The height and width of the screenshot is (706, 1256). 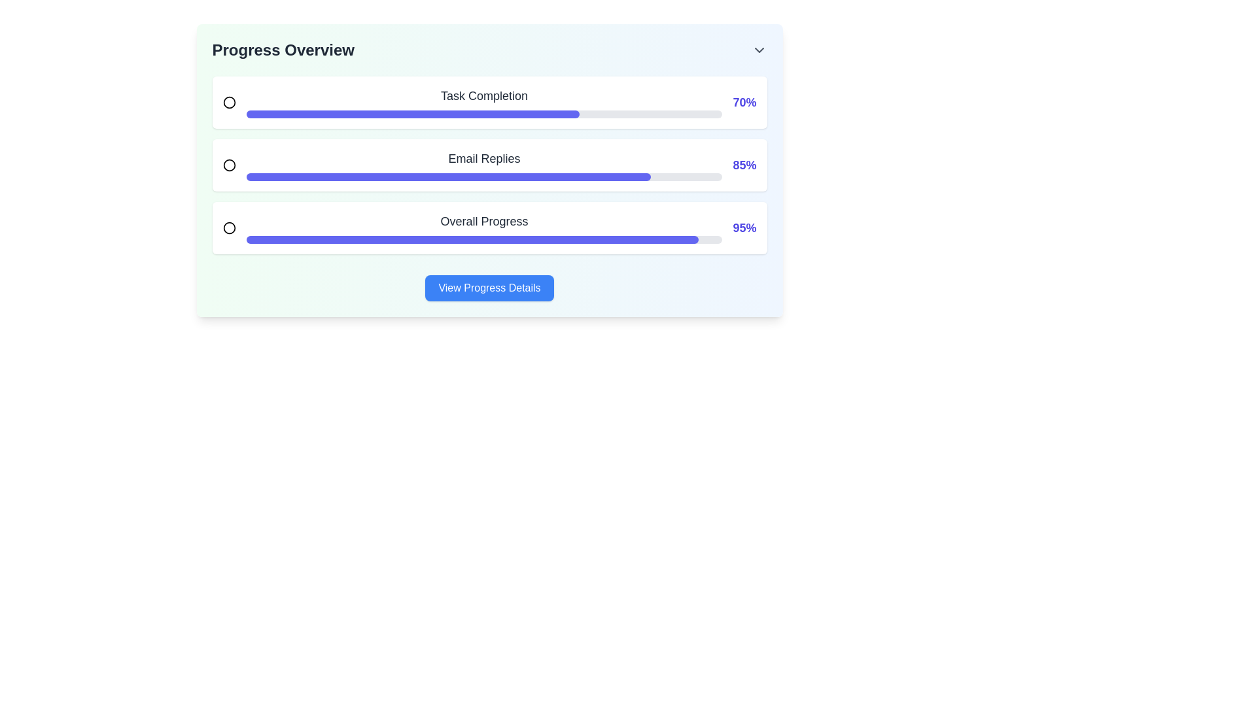 What do you see at coordinates (483, 227) in the screenshot?
I see `the 'Overall Progress' text and progress bar combination located in the lower section of the 'Progress Overview' component` at bounding box center [483, 227].